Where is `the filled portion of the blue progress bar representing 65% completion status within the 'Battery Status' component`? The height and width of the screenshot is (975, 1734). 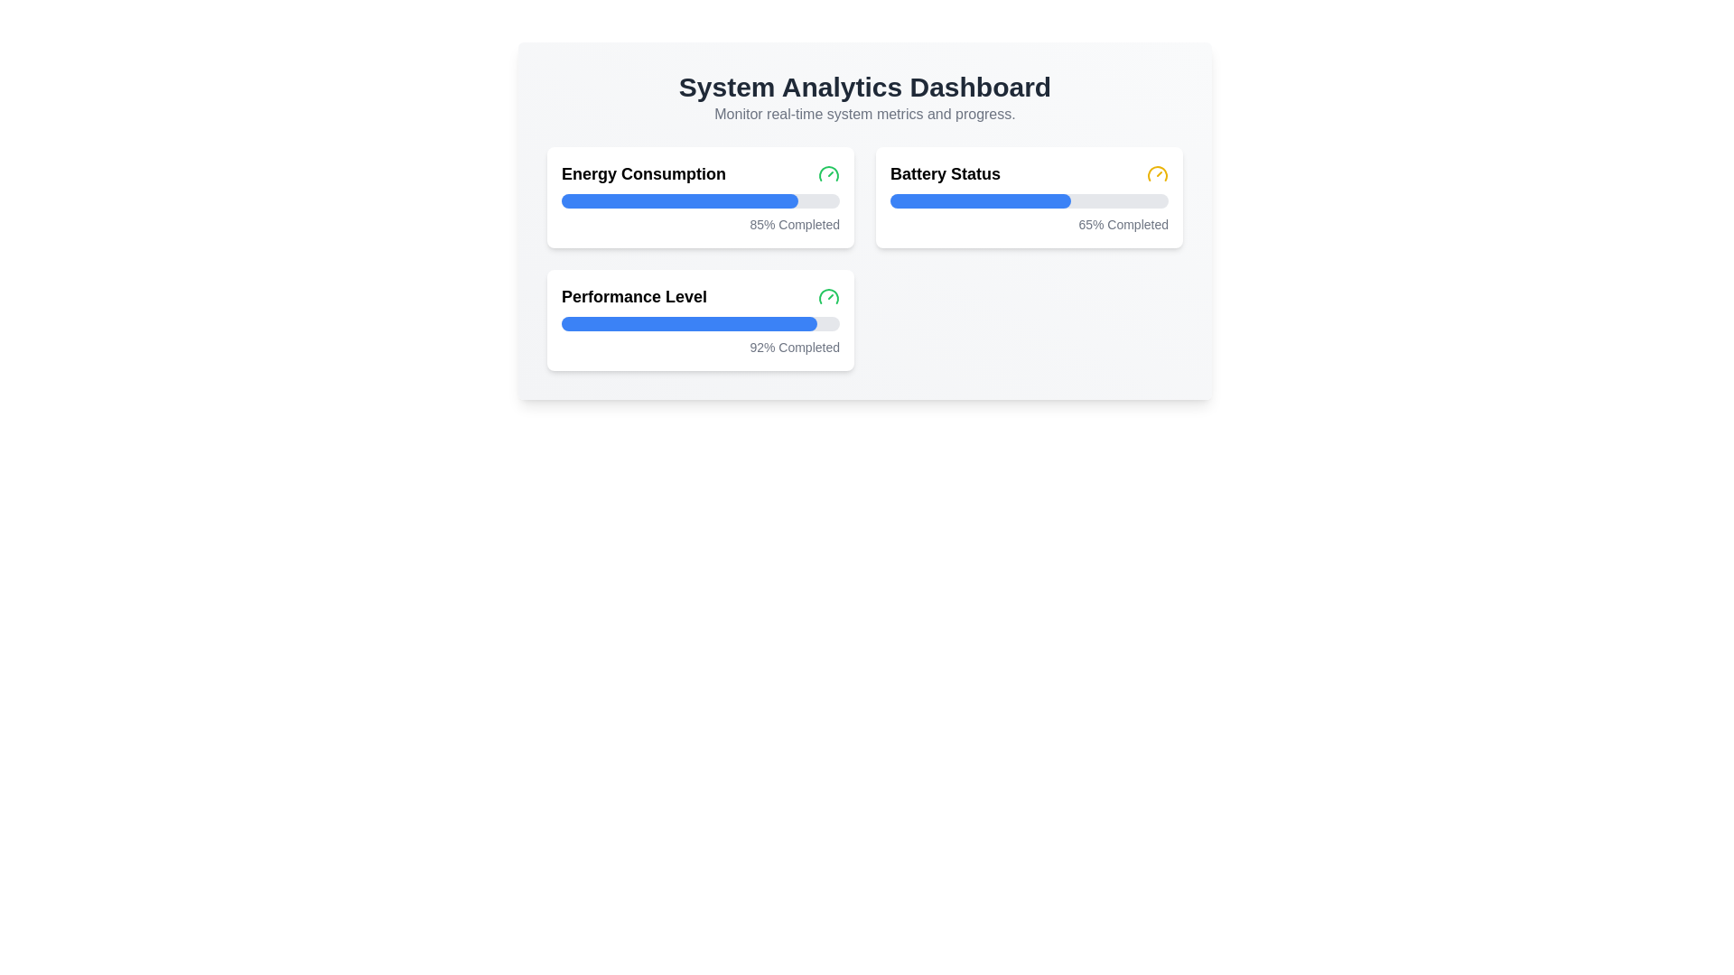 the filled portion of the blue progress bar representing 65% completion status within the 'Battery Status' component is located at coordinates (980, 201).